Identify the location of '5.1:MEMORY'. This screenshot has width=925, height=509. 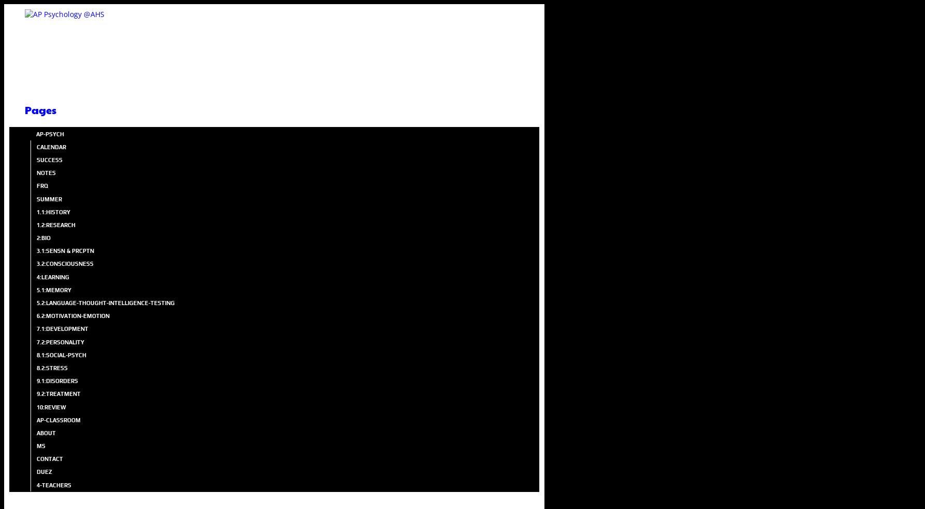
(37, 289).